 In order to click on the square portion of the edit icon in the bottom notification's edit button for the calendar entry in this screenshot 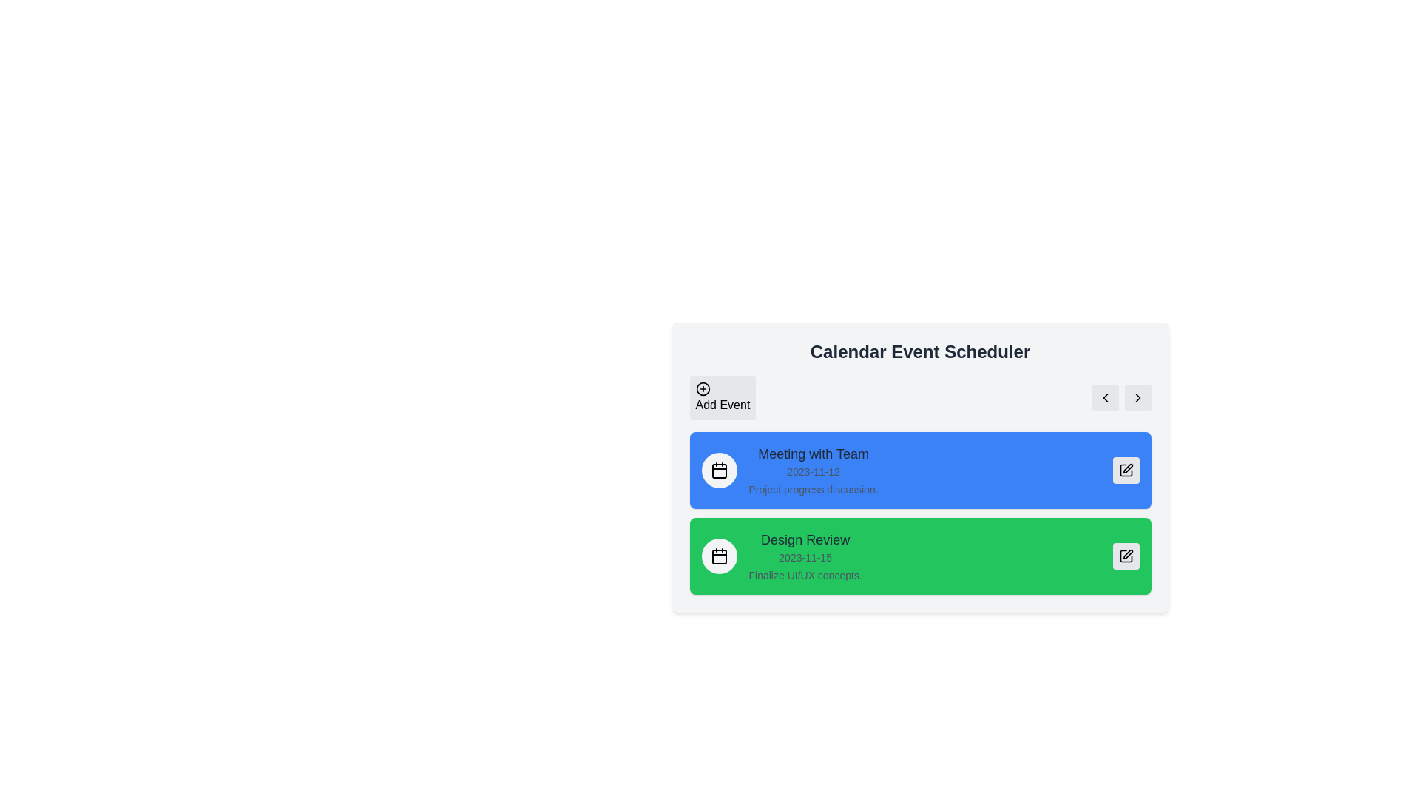, I will do `click(1125, 556)`.